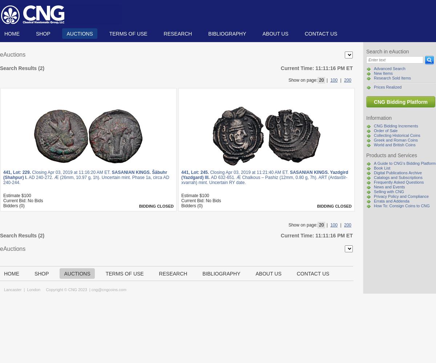 This screenshot has width=436, height=363. What do you see at coordinates (374, 126) in the screenshot?
I see `'CNG Bidding Increments'` at bounding box center [374, 126].